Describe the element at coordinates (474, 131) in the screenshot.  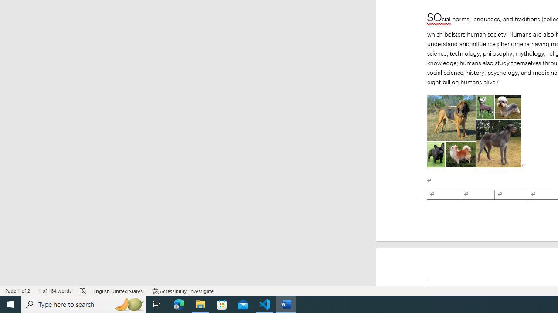
I see `'Morphological variation in six dogs'` at that location.